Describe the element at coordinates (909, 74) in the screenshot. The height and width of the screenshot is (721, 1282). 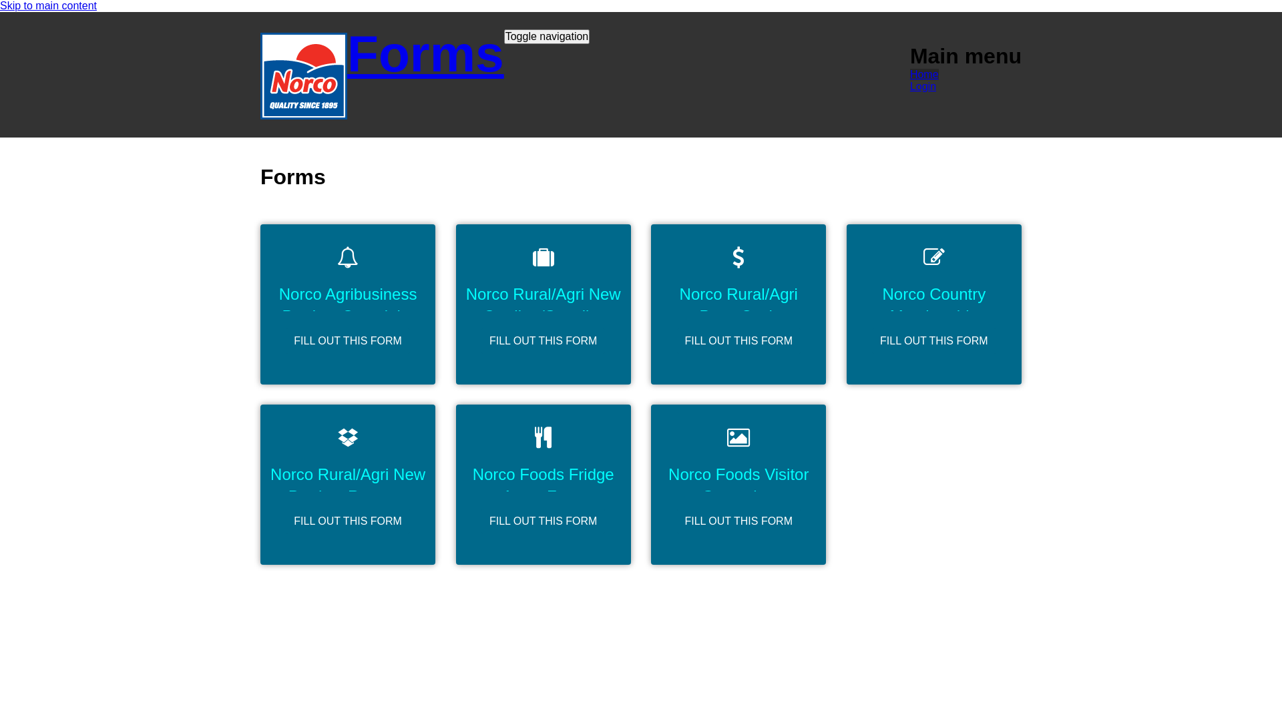
I see `'Home'` at that location.